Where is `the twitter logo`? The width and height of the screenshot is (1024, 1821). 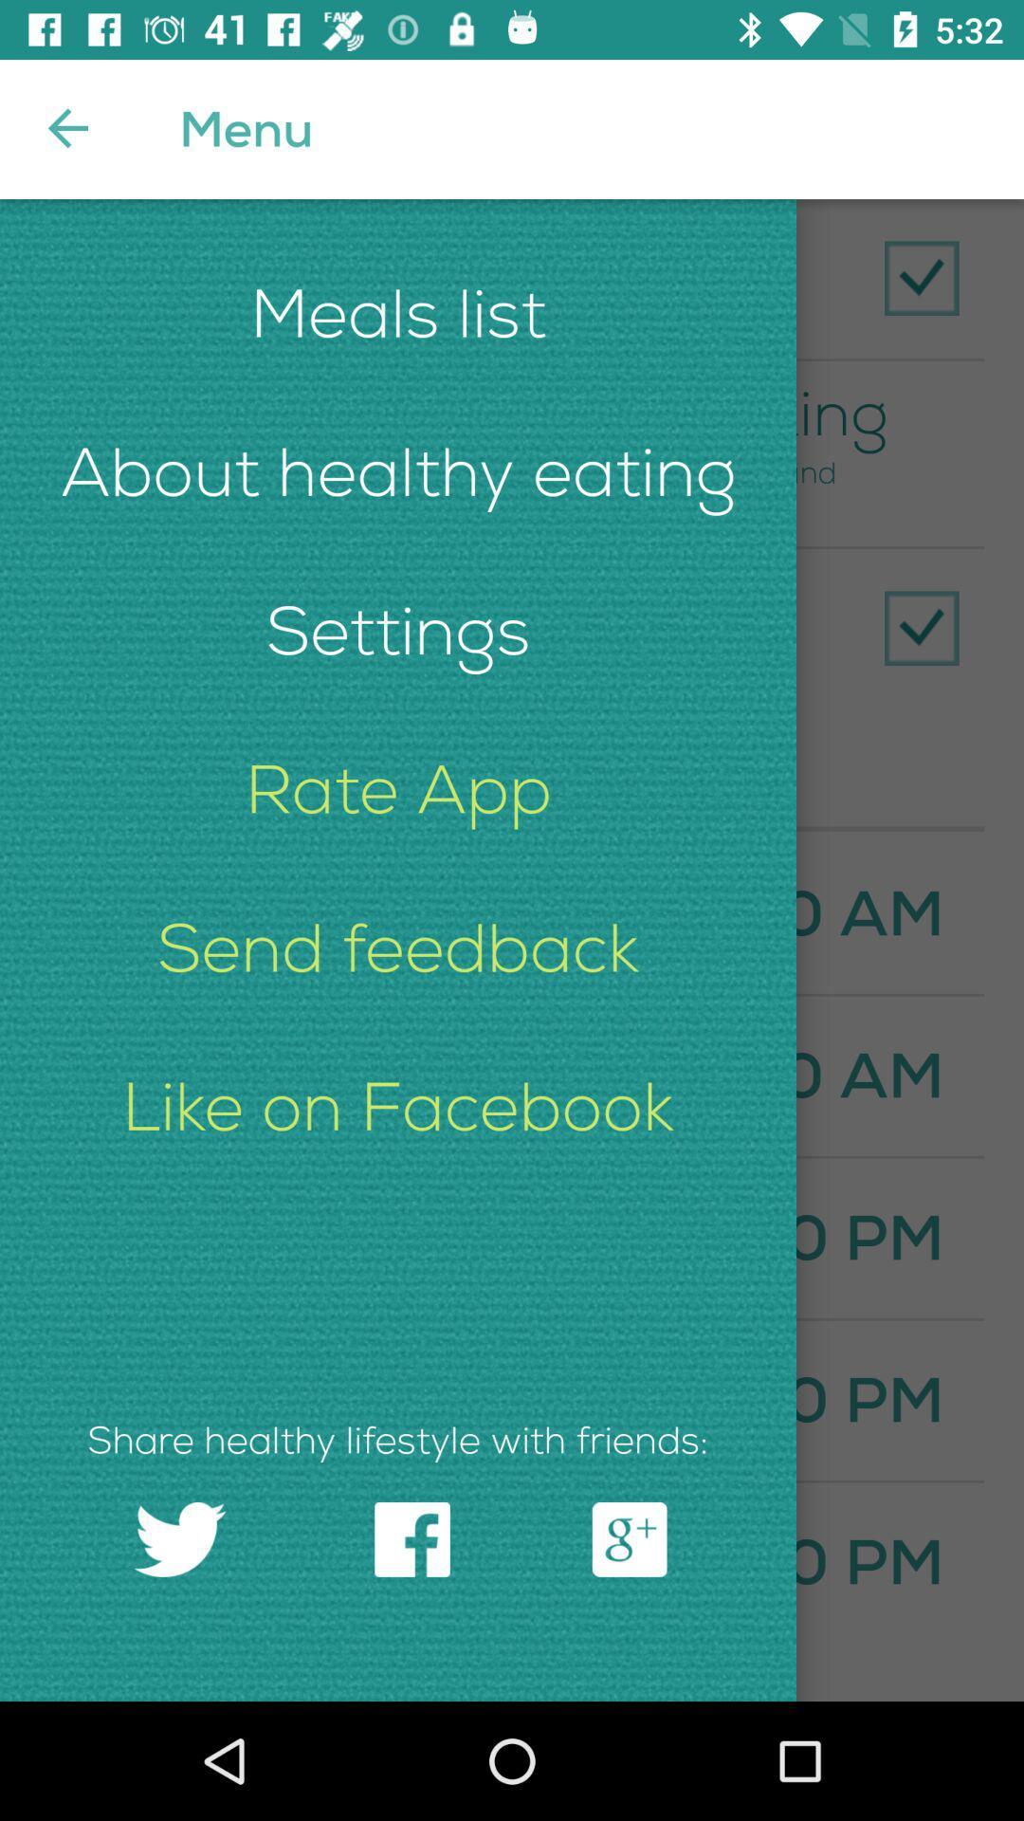
the twitter logo is located at coordinates (180, 1539).